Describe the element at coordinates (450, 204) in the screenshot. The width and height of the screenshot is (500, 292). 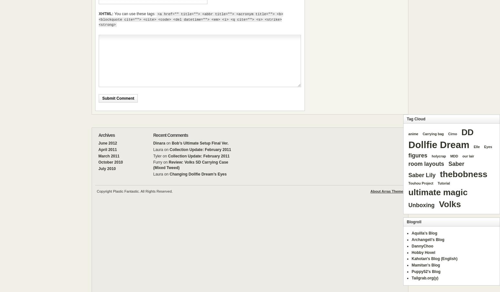
I see `'Volks'` at that location.